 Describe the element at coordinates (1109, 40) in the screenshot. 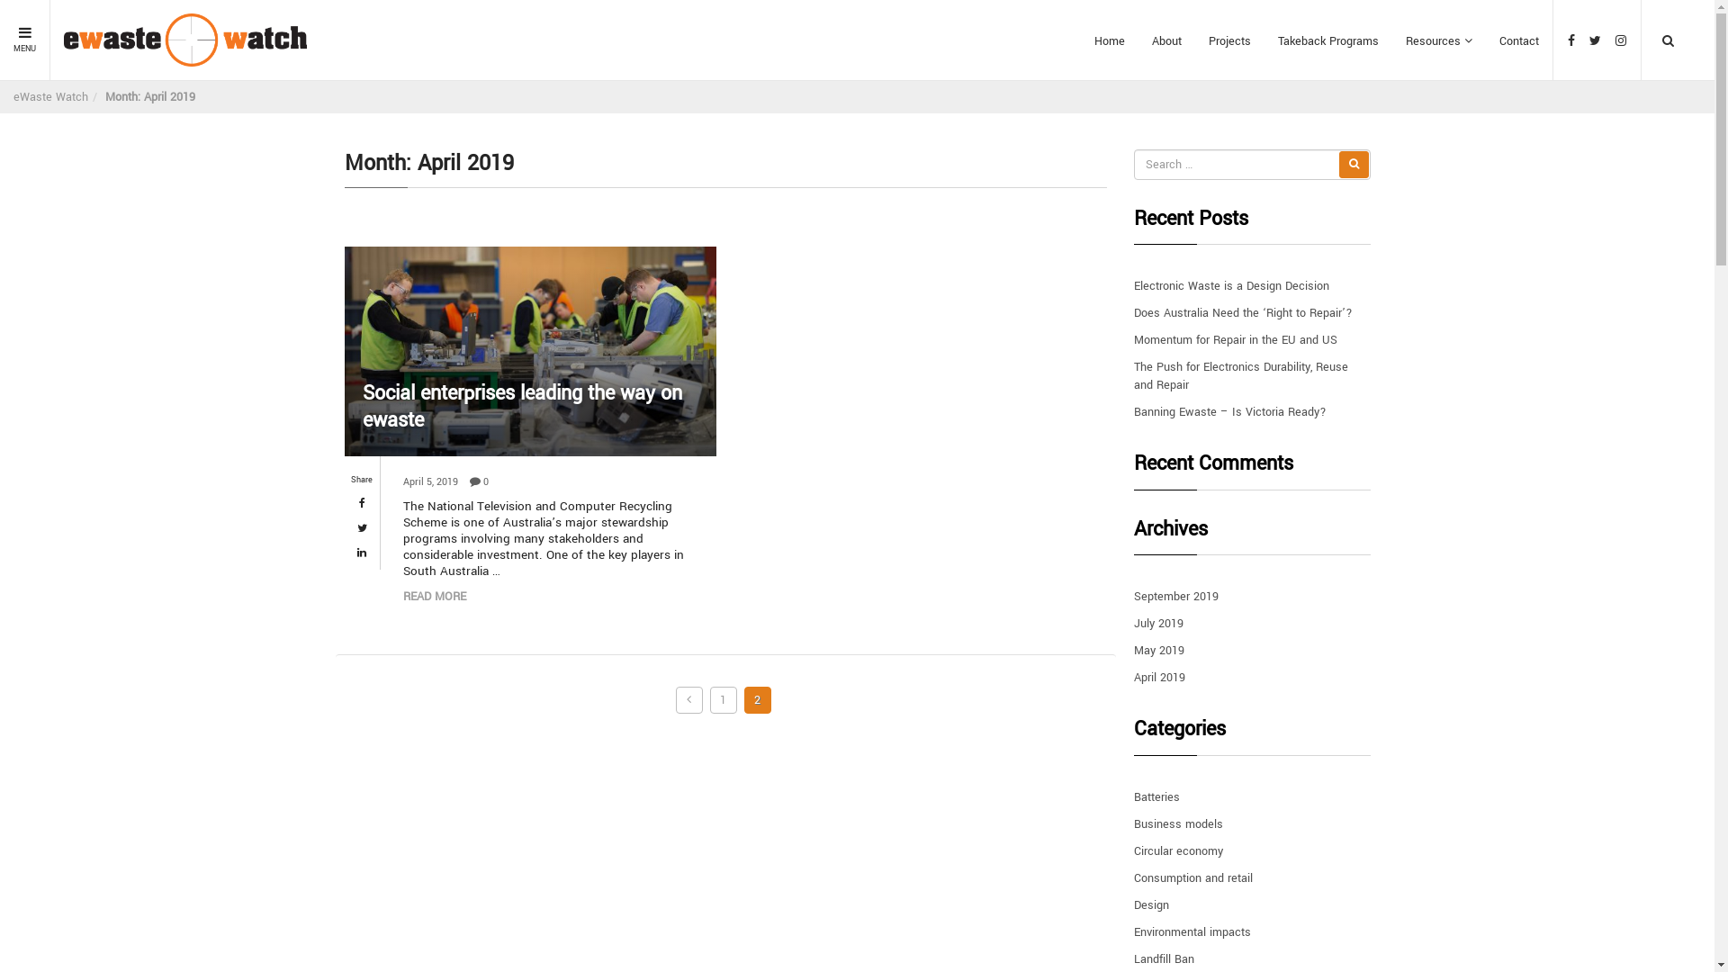

I see `'Home'` at that location.